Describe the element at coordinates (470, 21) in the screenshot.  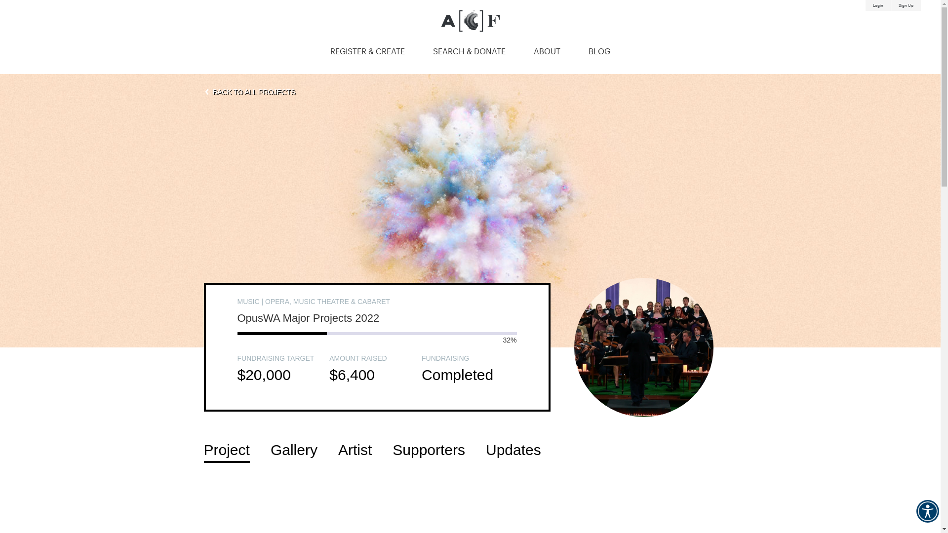
I see `'Australian Cultural Fund'` at that location.